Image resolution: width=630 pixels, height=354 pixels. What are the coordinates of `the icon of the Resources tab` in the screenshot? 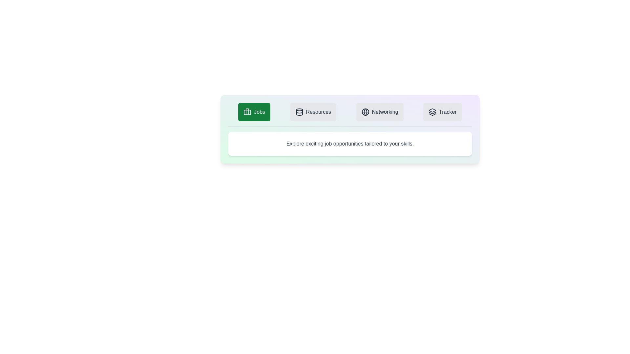 It's located at (299, 112).